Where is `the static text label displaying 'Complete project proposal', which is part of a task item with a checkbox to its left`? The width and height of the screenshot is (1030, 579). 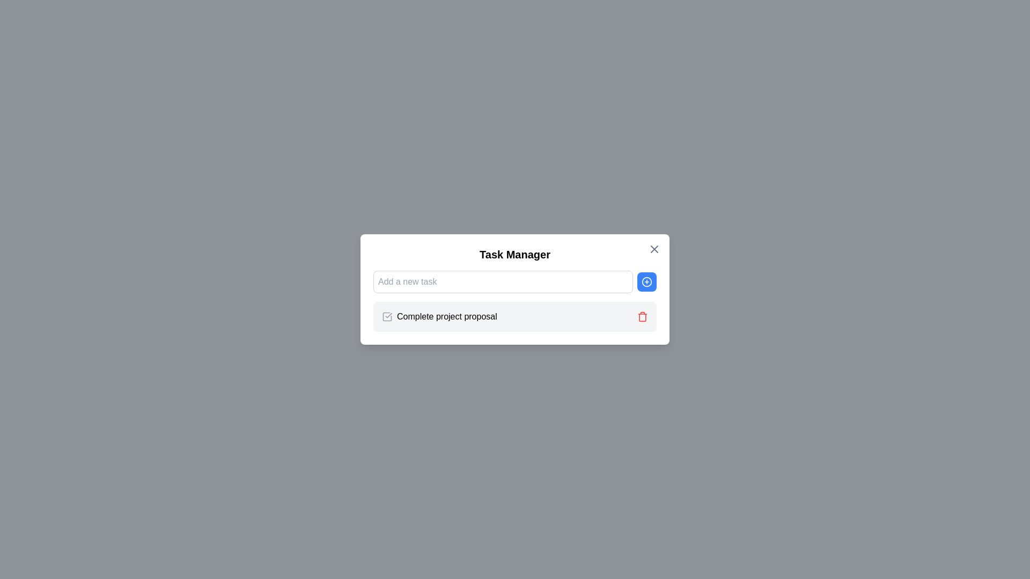 the static text label displaying 'Complete project proposal', which is part of a task item with a checkbox to its left is located at coordinates (439, 316).